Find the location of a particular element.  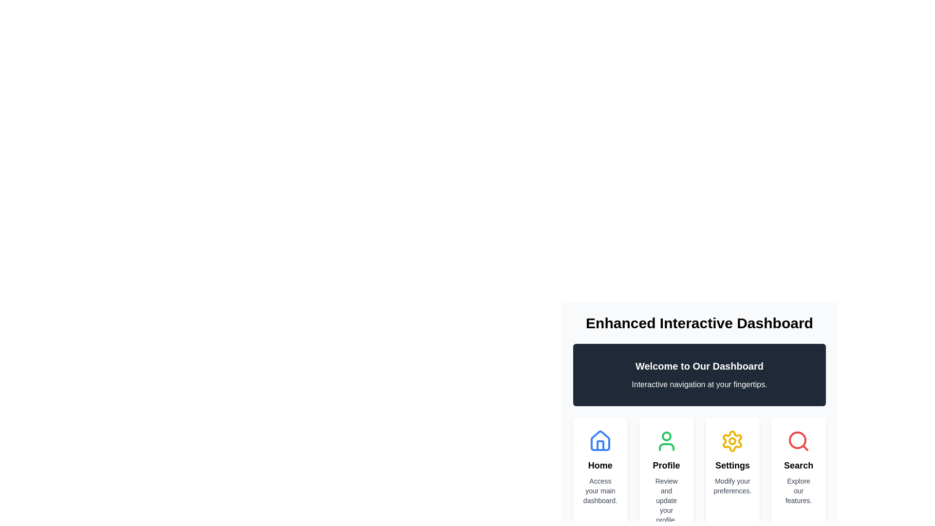

the bold text label with the content 'Search', which is positioned in the fourth column at the bottom of its section, above an icon resembling a magnifying glass and below a label reading 'Explore our features' is located at coordinates (799, 465).